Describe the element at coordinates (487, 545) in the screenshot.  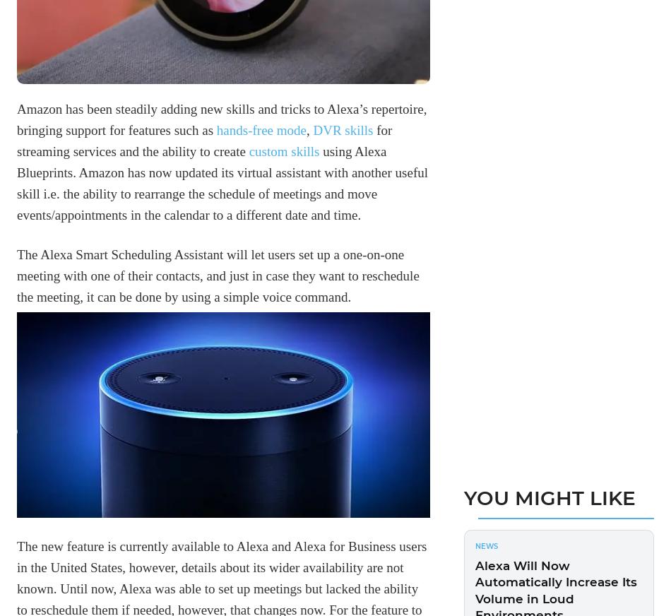
I see `'News'` at that location.